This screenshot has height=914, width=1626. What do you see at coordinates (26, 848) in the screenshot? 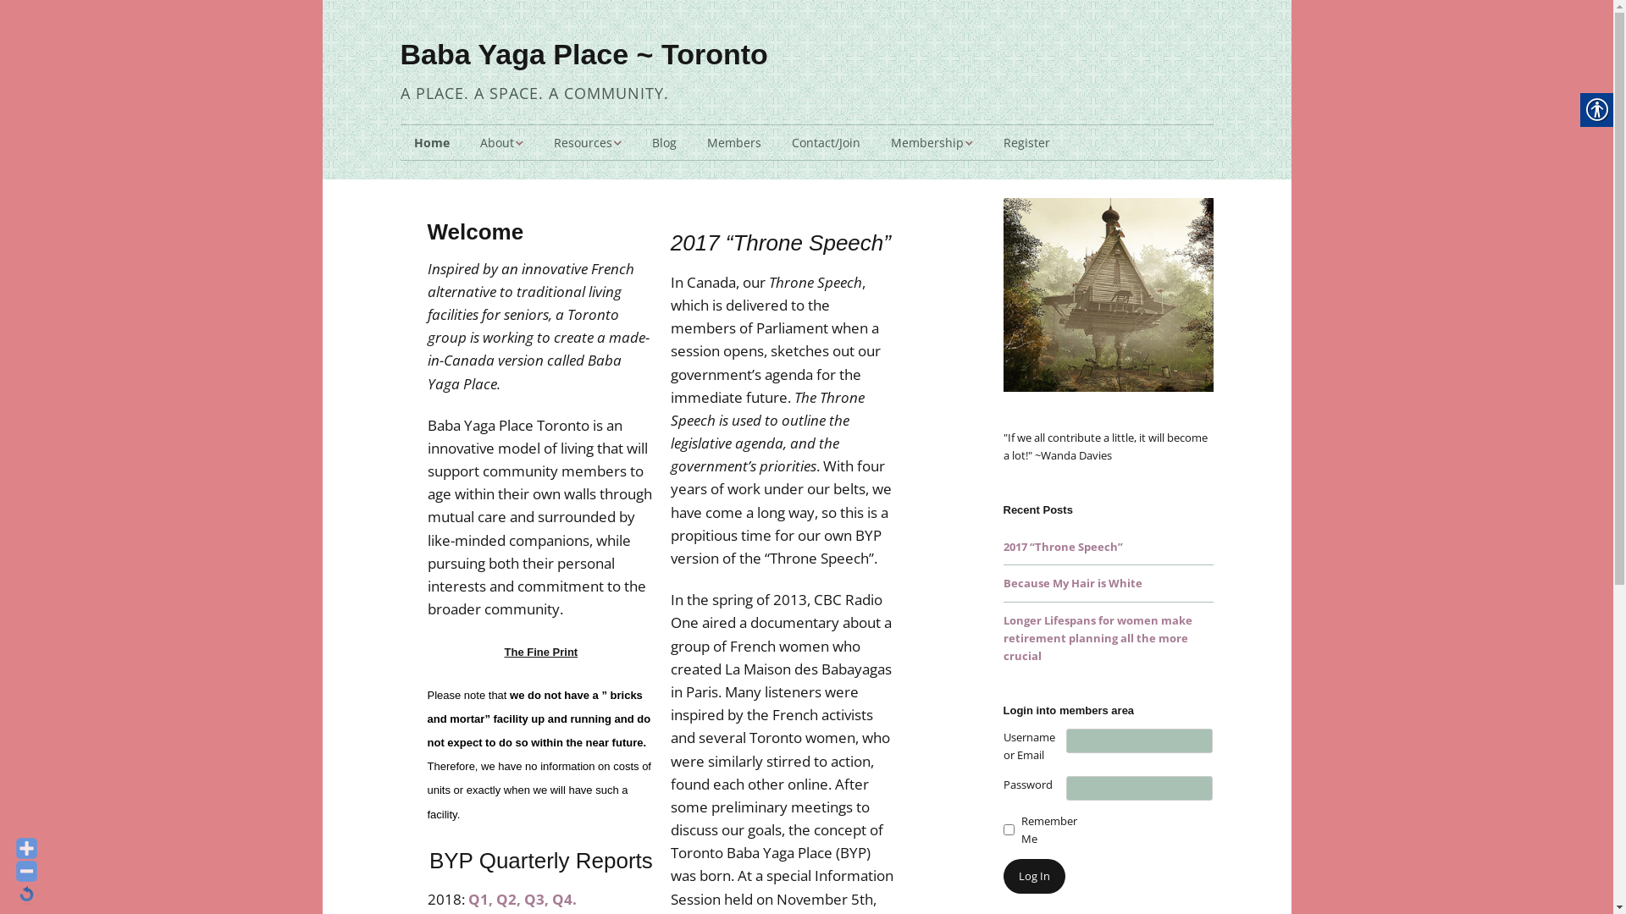
I see `'Increase font size'` at bounding box center [26, 848].